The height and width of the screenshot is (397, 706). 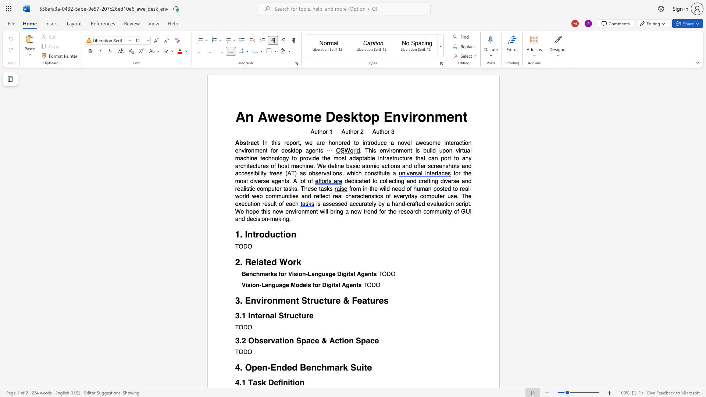 I want to click on the space between the continuous character "b" and "y" in the text, so click(x=381, y=204).